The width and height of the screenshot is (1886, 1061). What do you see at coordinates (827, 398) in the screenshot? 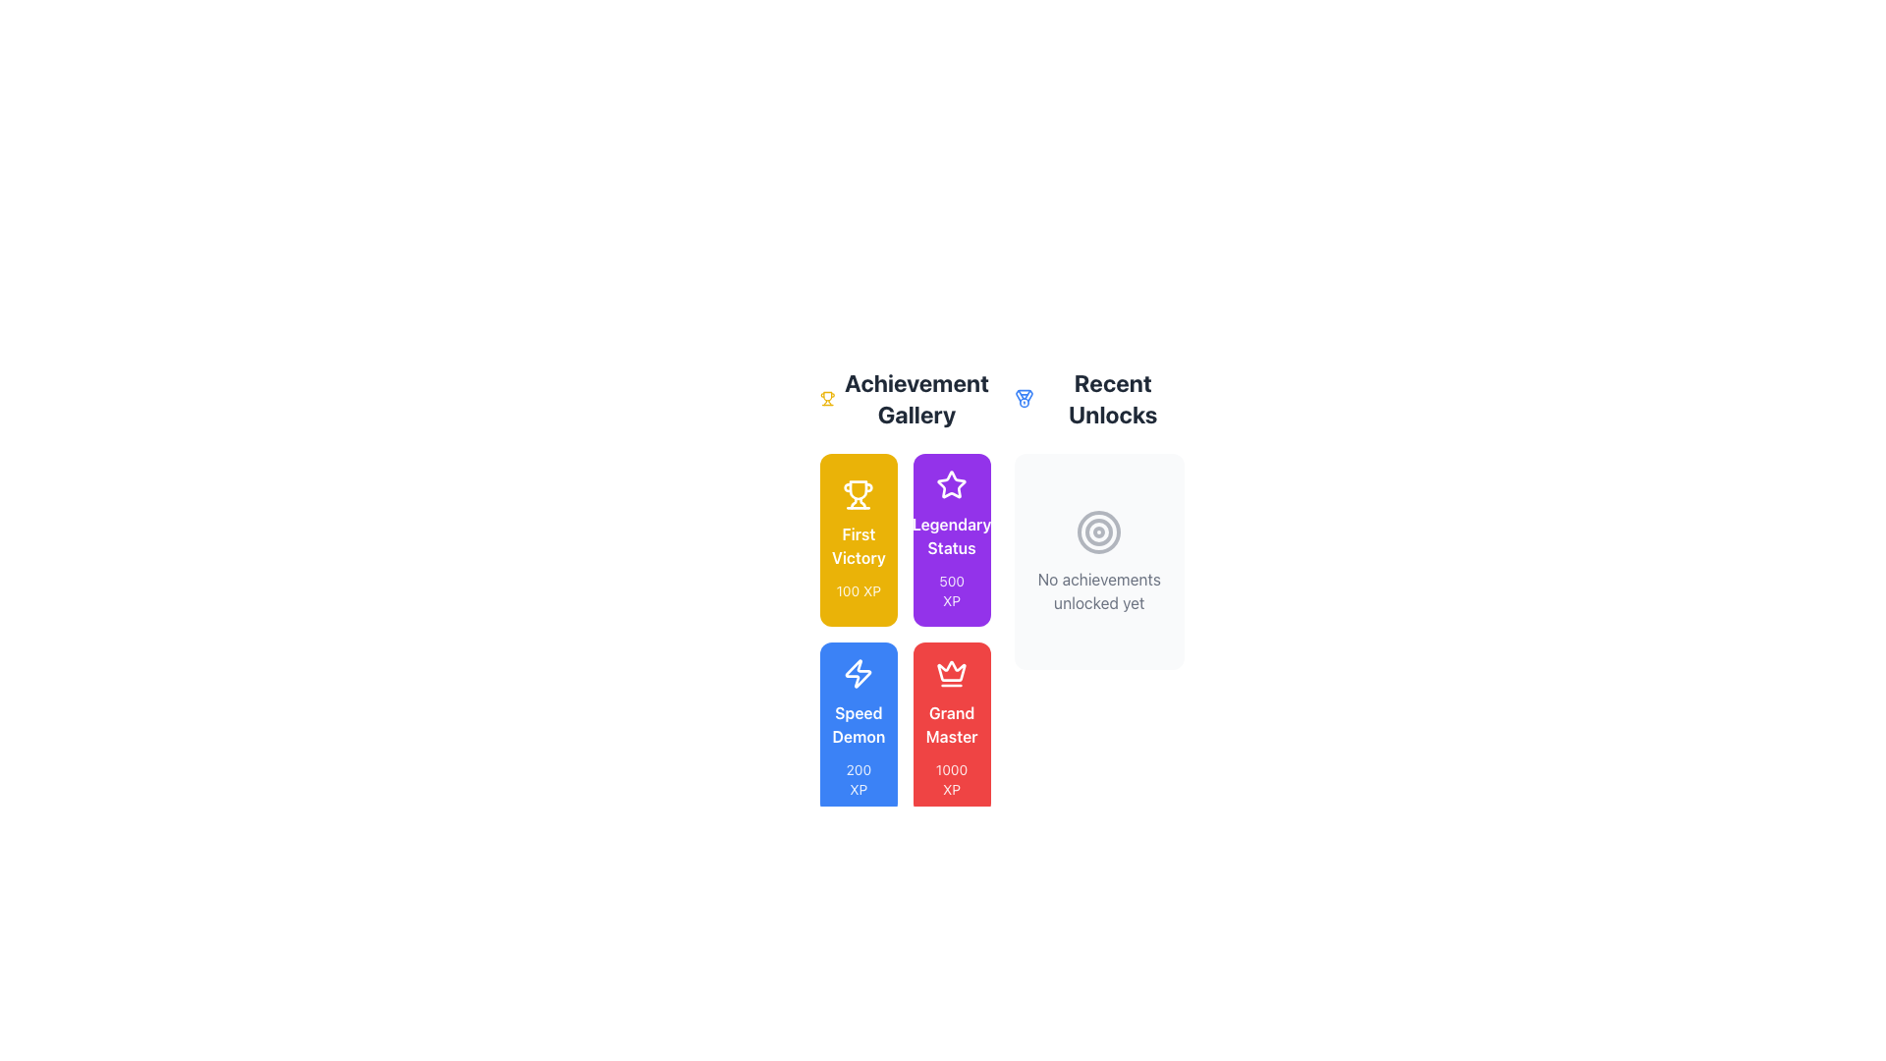
I see `the decorative achievement icon located to the left of the 'Achievement Gallery' text and above the achievement cards grid` at bounding box center [827, 398].